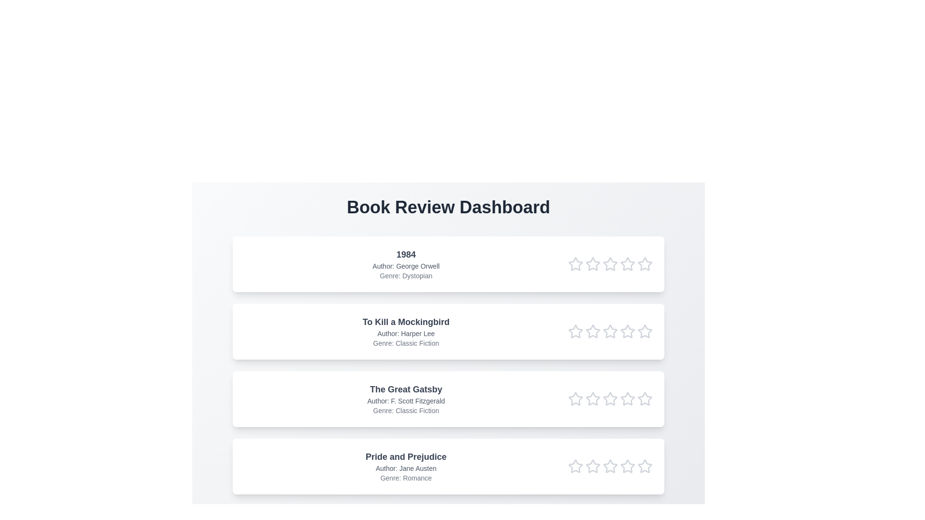 This screenshot has width=925, height=520. I want to click on the star corresponding to 4 in the rating row of the book titled To Kill a Mockingbird, so click(627, 331).